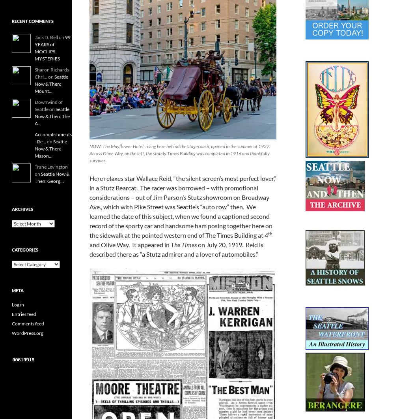 The width and height of the screenshot is (414, 419). Describe the element at coordinates (183, 244) in the screenshot. I see `'The Times'` at that location.